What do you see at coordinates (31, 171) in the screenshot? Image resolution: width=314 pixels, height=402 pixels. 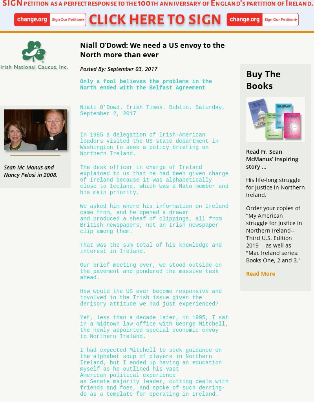 I see `'Sean Mc Manus and Nancy Pelosi in 2008.'` at bounding box center [31, 171].